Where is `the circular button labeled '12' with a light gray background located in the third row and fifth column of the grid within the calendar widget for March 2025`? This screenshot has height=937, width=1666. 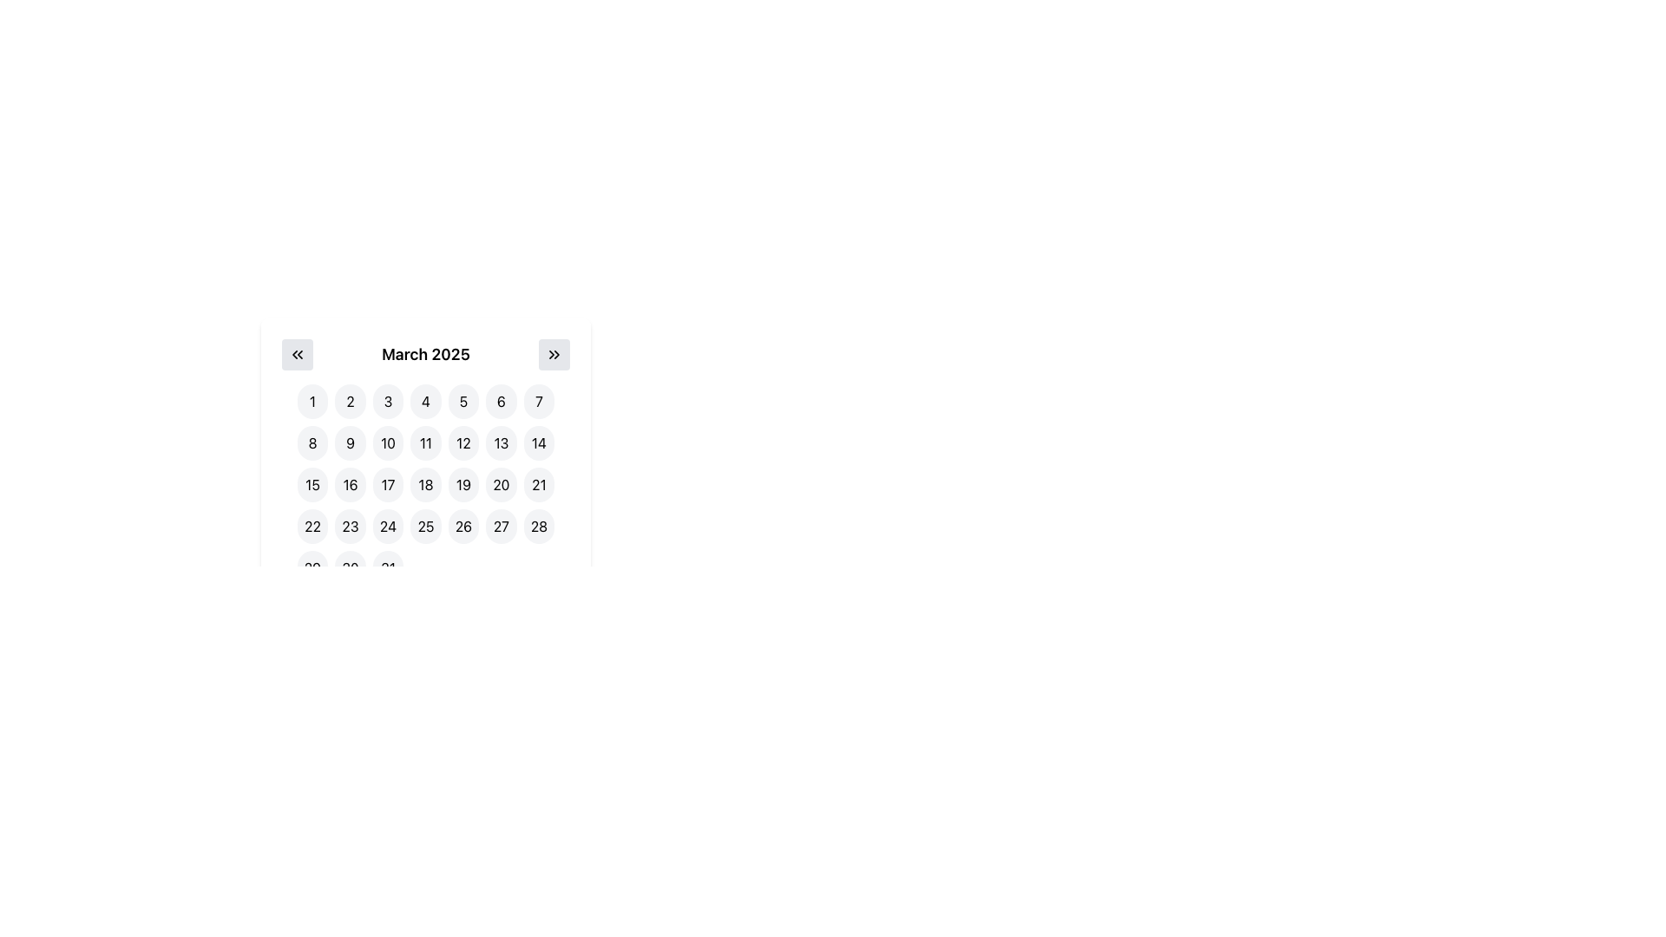
the circular button labeled '12' with a light gray background located in the third row and fifth column of the grid within the calendar widget for March 2025 is located at coordinates (463, 442).